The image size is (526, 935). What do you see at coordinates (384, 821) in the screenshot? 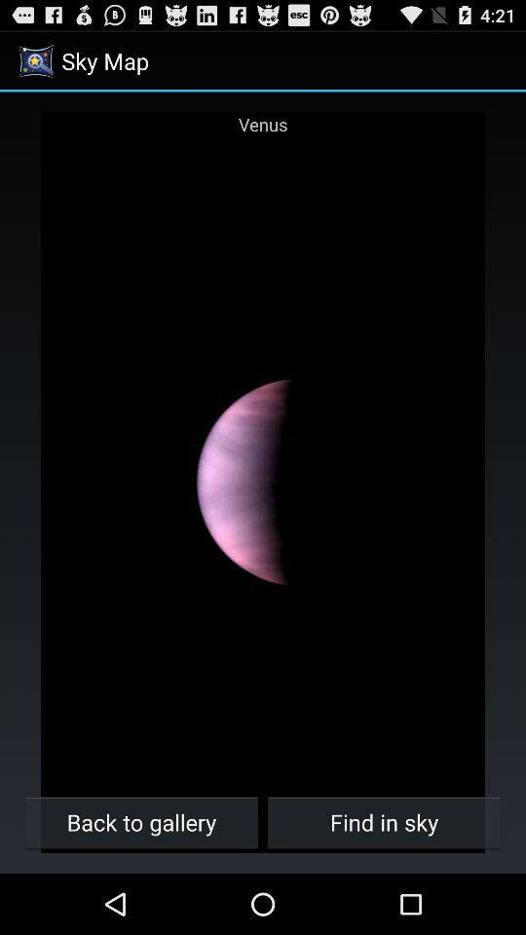
I see `the find in sky icon` at bounding box center [384, 821].